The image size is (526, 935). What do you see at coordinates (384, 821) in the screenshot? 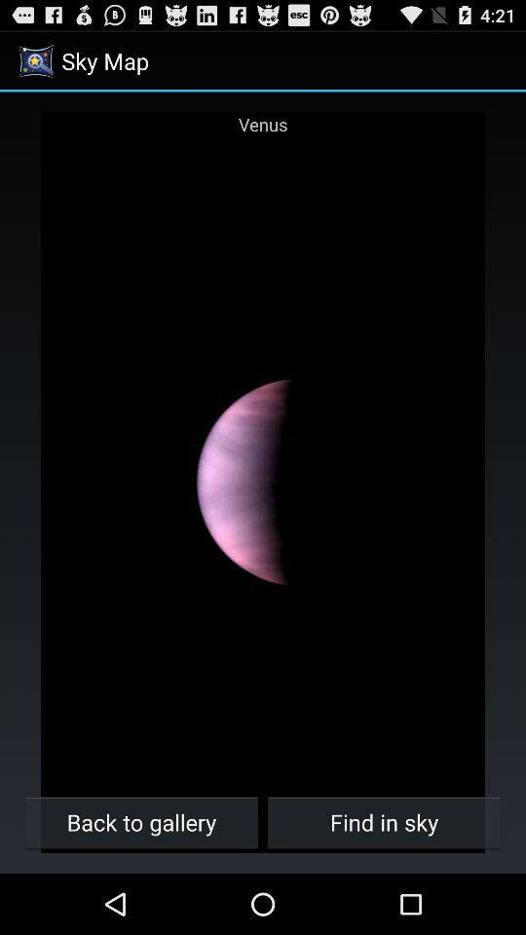
I see `the find in sky icon` at bounding box center [384, 821].